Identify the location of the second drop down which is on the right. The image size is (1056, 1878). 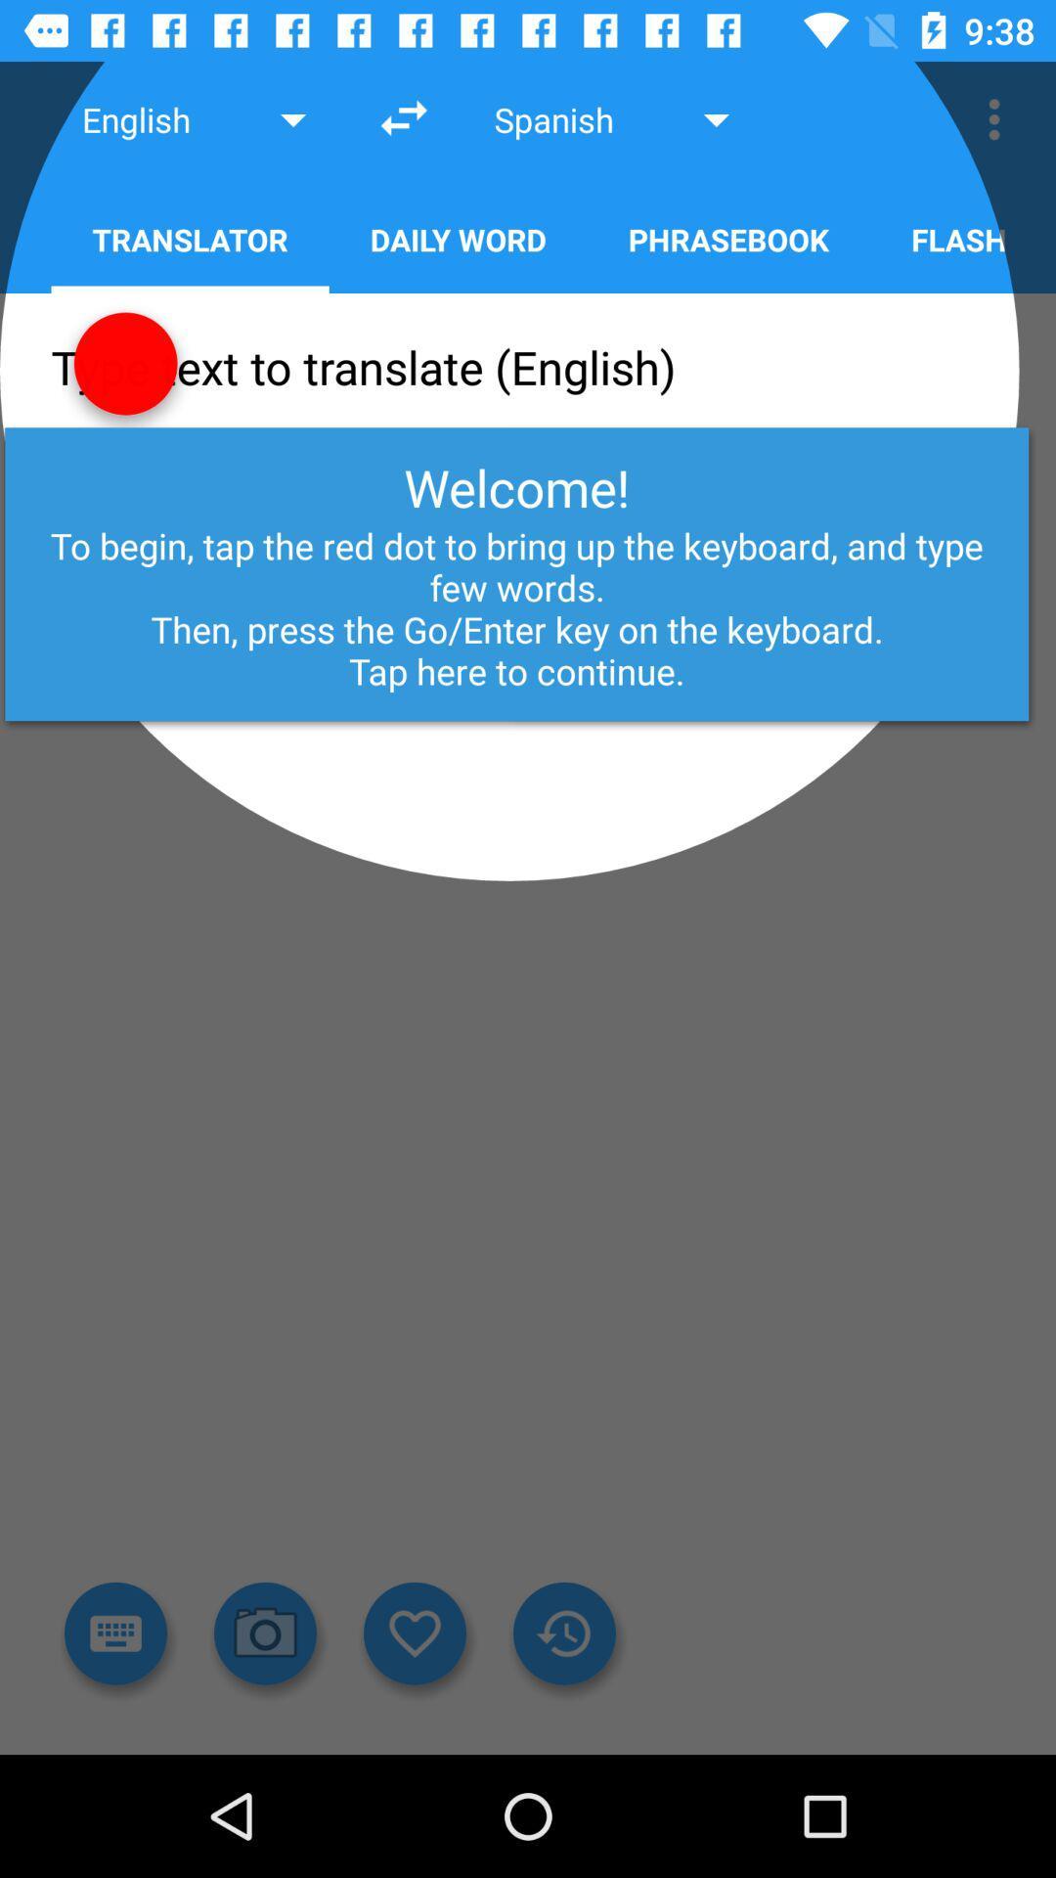
(614, 118).